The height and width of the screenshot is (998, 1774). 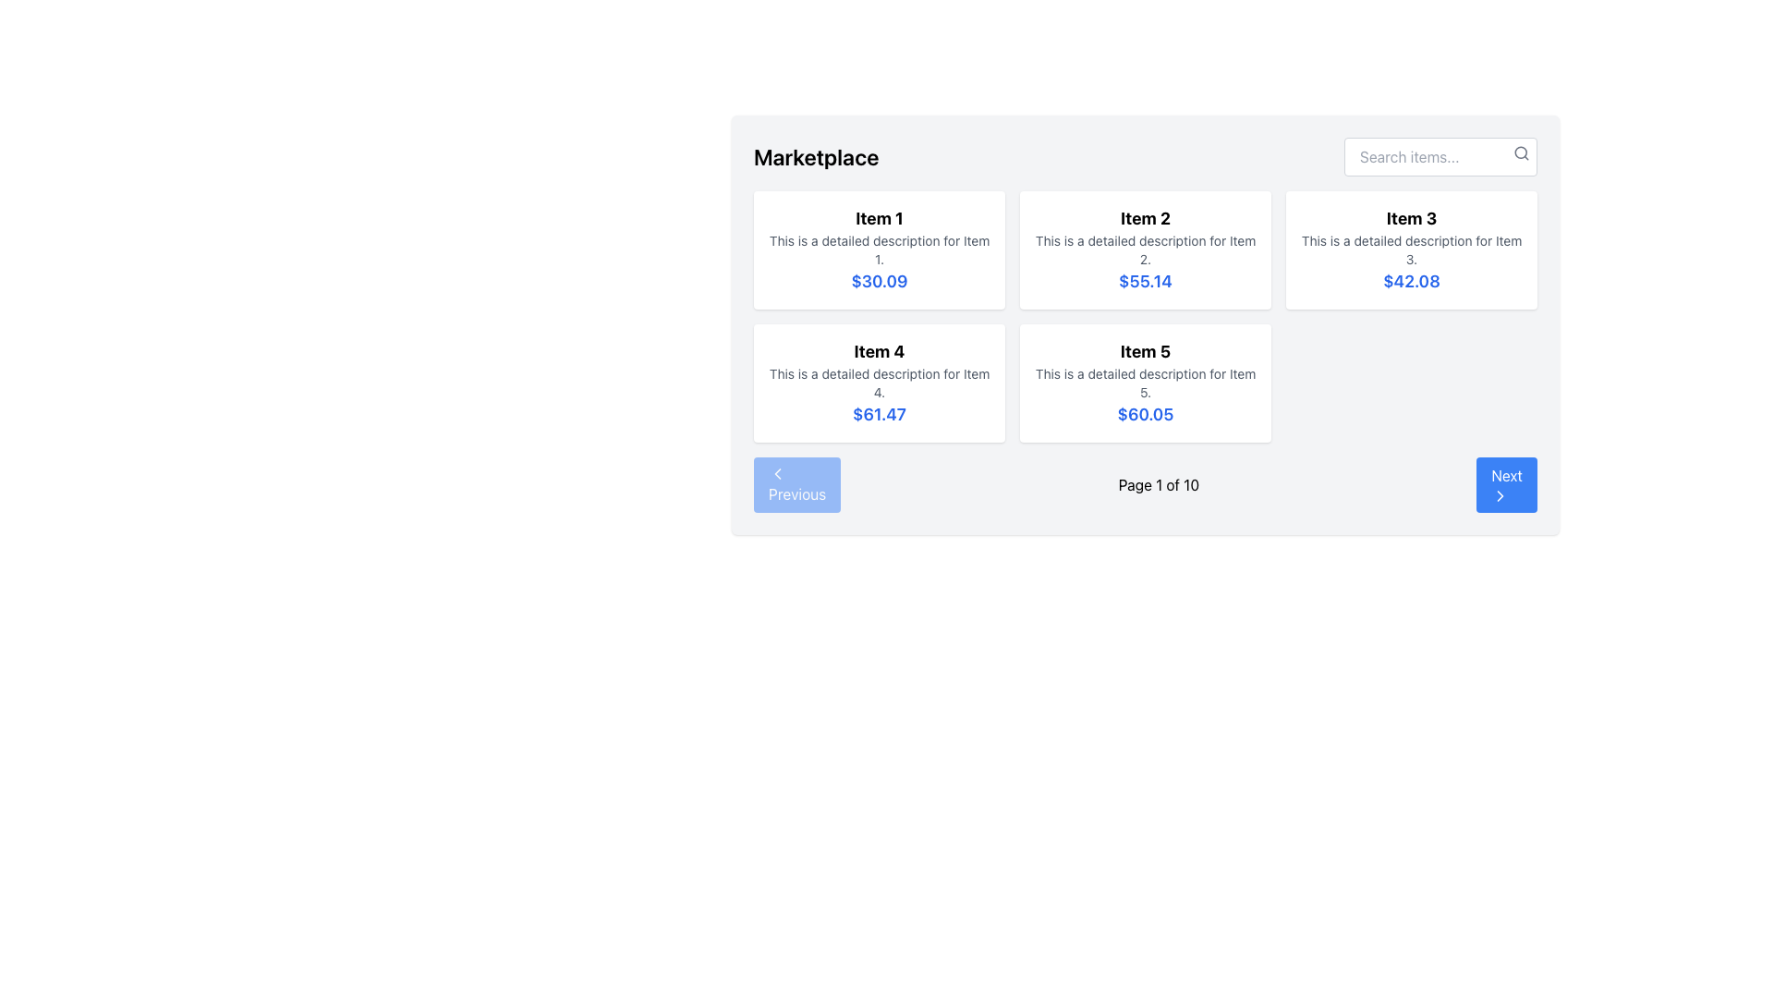 What do you see at coordinates (1501, 494) in the screenshot?
I see `the chevron-shaped icon inside the blue 'Next' button located at the bottom right corner of the interface` at bounding box center [1501, 494].